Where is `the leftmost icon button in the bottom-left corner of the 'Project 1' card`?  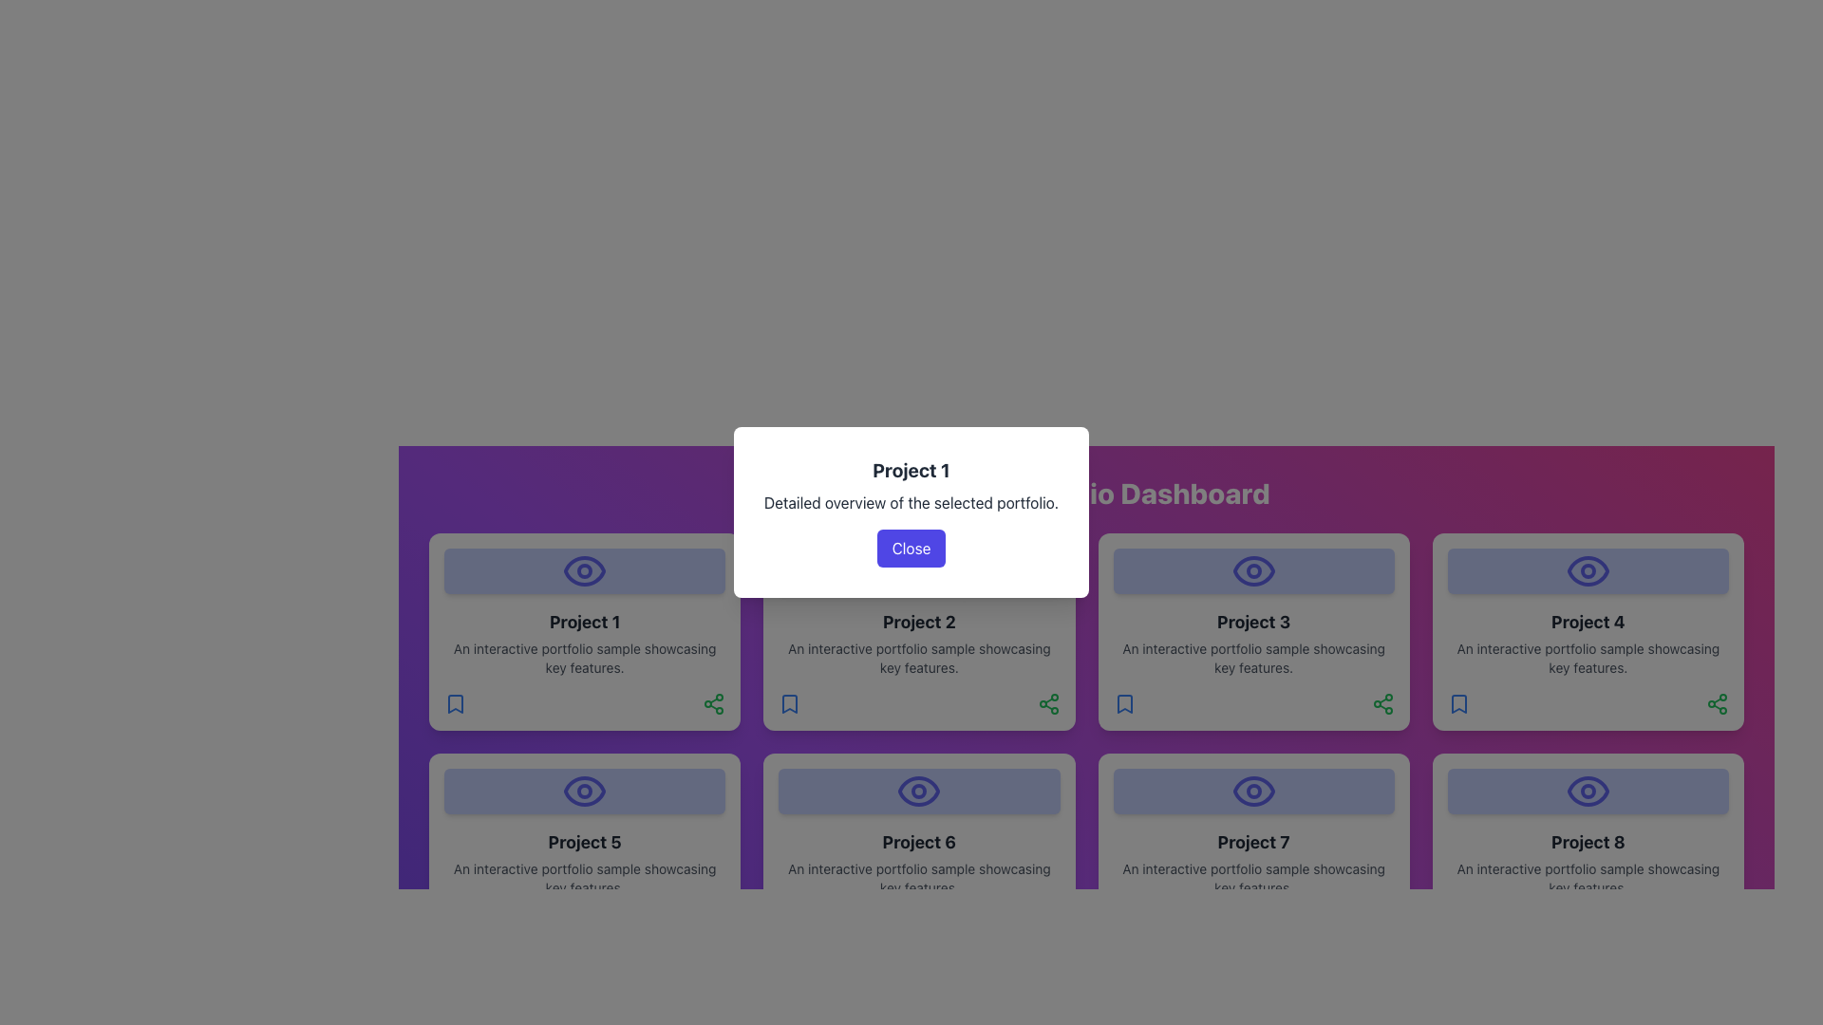 the leftmost icon button in the bottom-left corner of the 'Project 1' card is located at coordinates (456, 703).